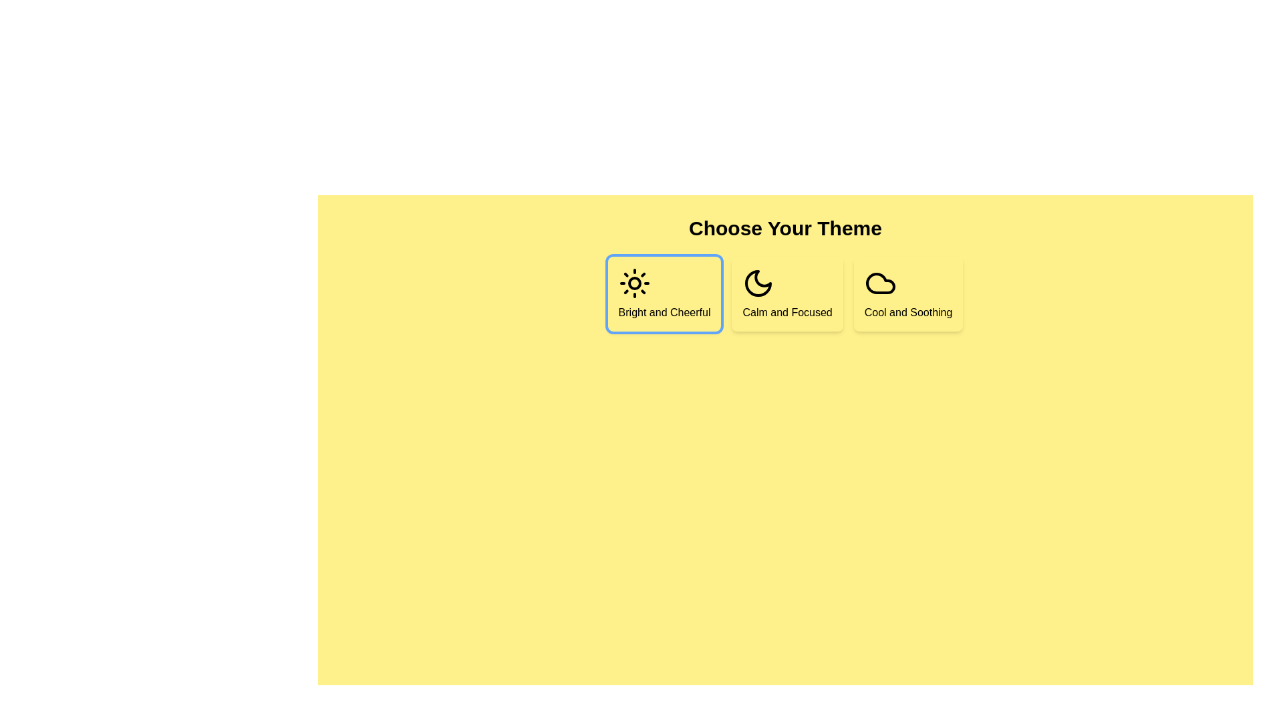 This screenshot has width=1283, height=722. Describe the element at coordinates (908, 293) in the screenshot. I see `the button corresponding to the theme 'Cool and Soothing'` at that location.